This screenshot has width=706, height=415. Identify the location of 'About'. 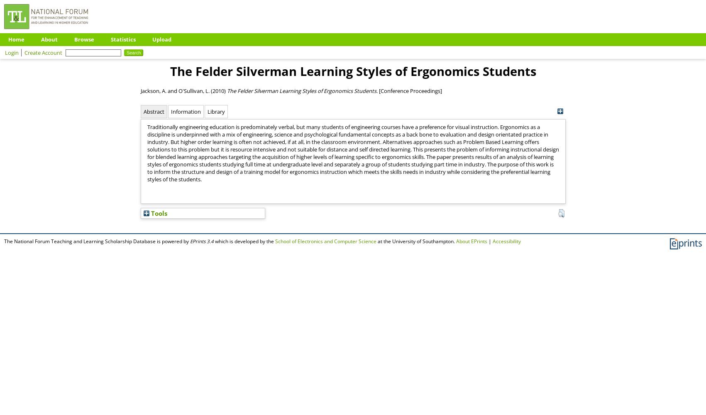
(49, 39).